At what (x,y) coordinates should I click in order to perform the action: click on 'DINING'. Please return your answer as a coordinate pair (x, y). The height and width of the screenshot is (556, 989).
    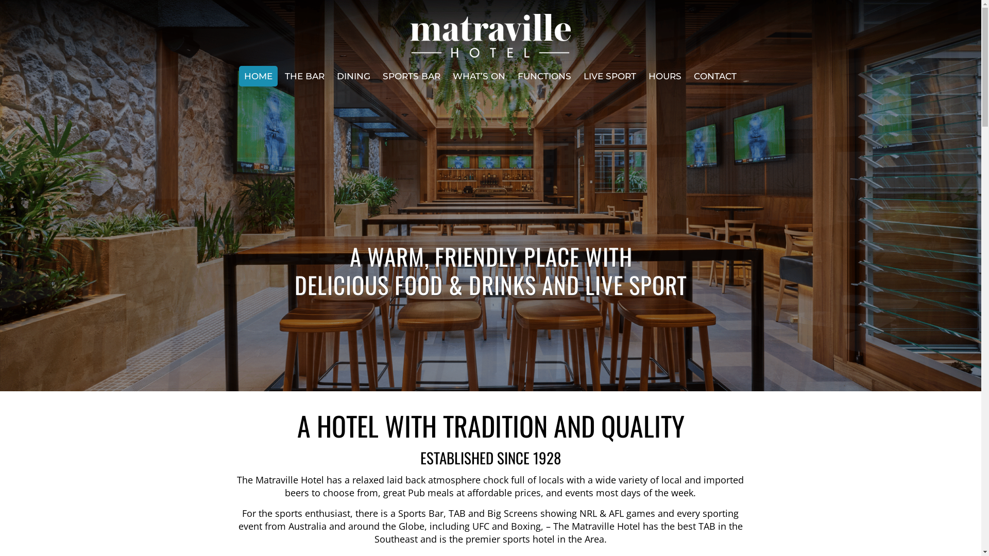
    Looking at the image, I should click on (331, 75).